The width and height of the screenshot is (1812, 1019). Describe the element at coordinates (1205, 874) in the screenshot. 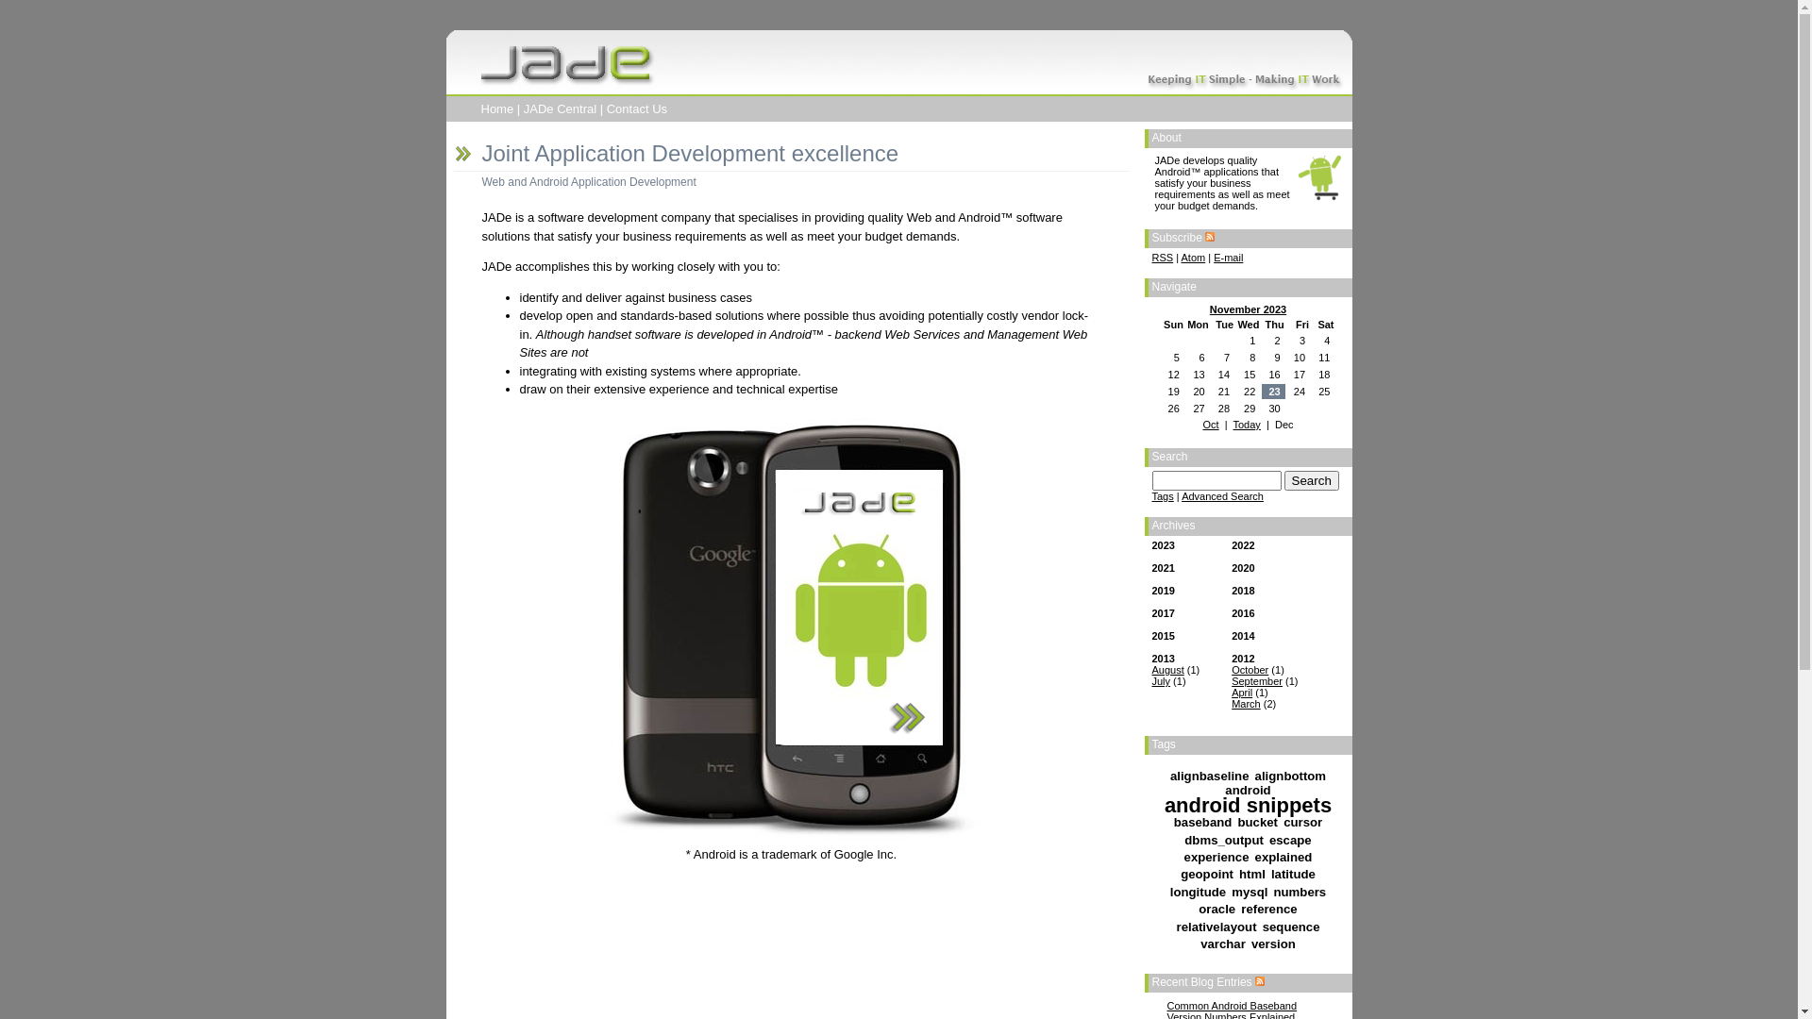

I see `'geopoint'` at that location.